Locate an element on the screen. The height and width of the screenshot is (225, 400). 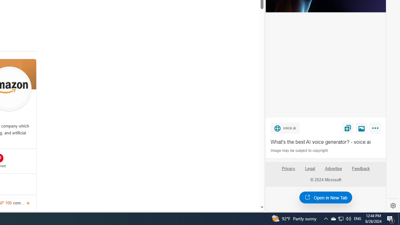
'Legal' is located at coordinates (310, 168).